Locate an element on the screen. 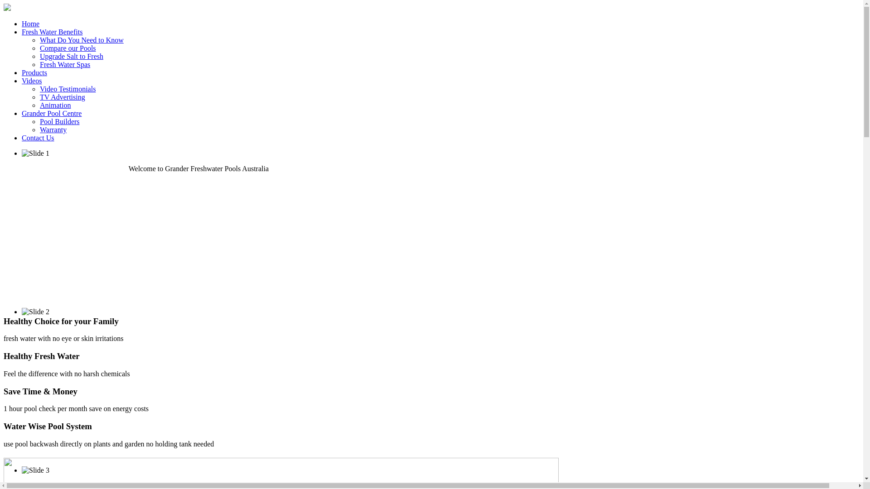 This screenshot has height=489, width=870. 'Grander Pool Centre' is located at coordinates (51, 113).